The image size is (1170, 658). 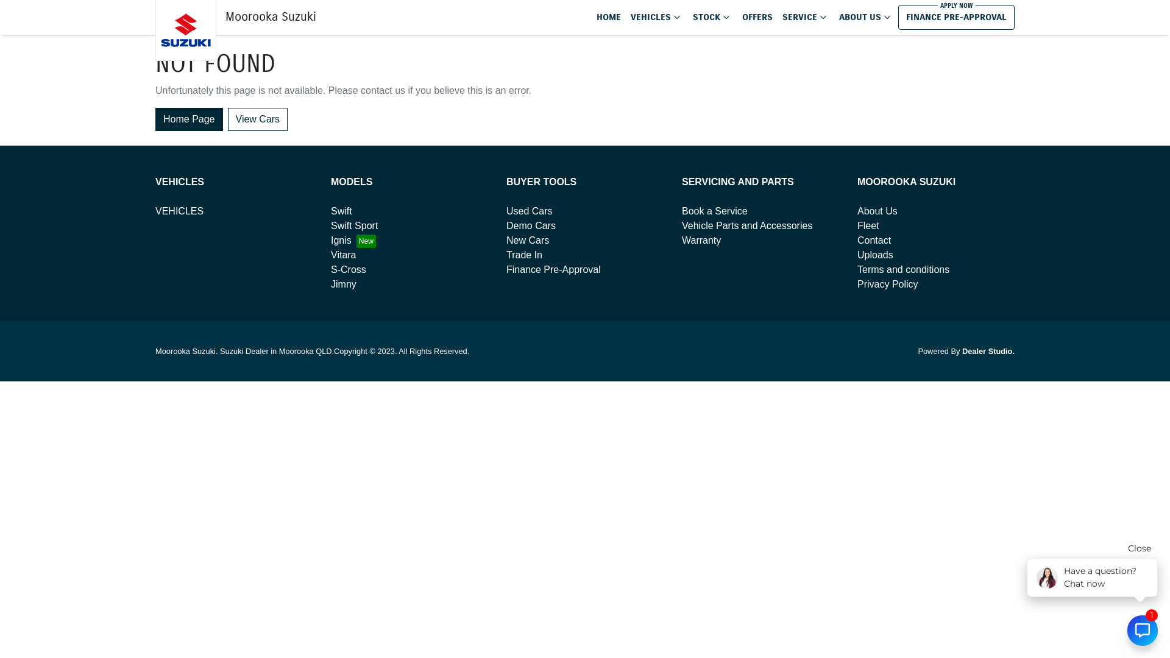 What do you see at coordinates (757, 17) in the screenshot?
I see `'OFFERS'` at bounding box center [757, 17].